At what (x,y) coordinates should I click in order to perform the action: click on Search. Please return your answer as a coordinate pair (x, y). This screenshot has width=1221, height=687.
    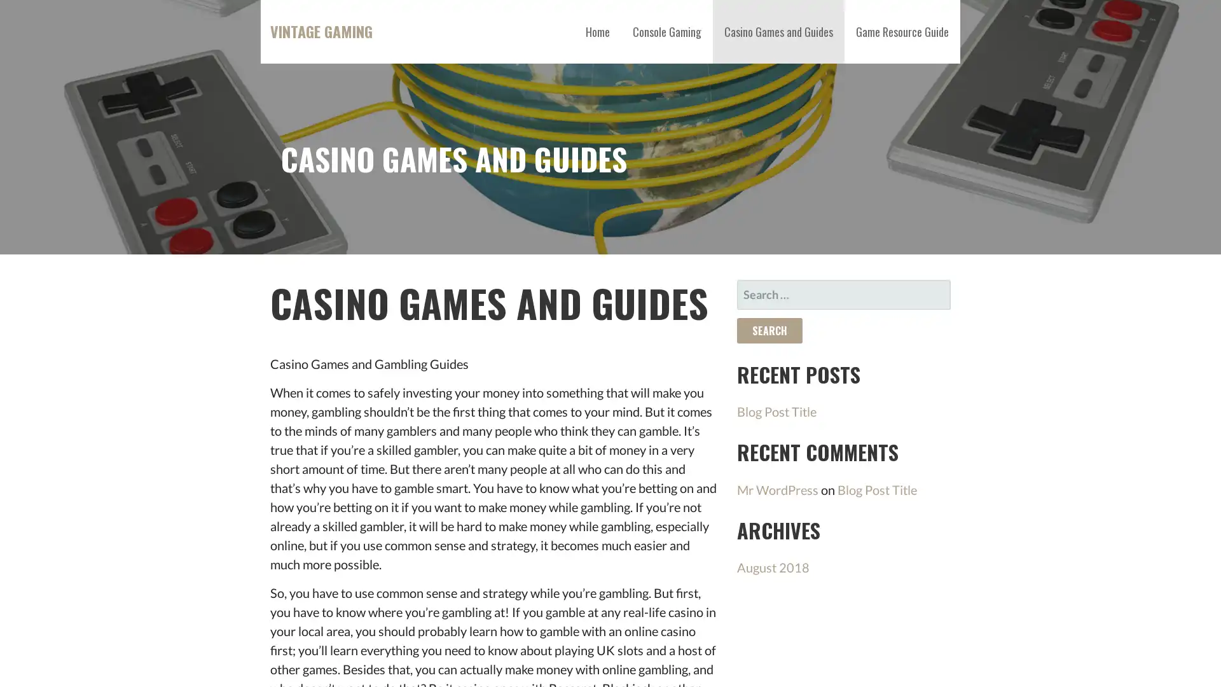
    Looking at the image, I should click on (768, 330).